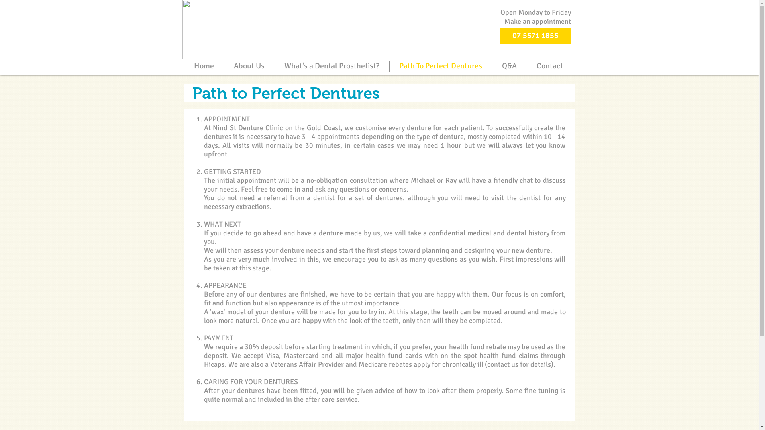  Describe the element at coordinates (440, 65) in the screenshot. I see `'Path To Perfect Dentures'` at that location.